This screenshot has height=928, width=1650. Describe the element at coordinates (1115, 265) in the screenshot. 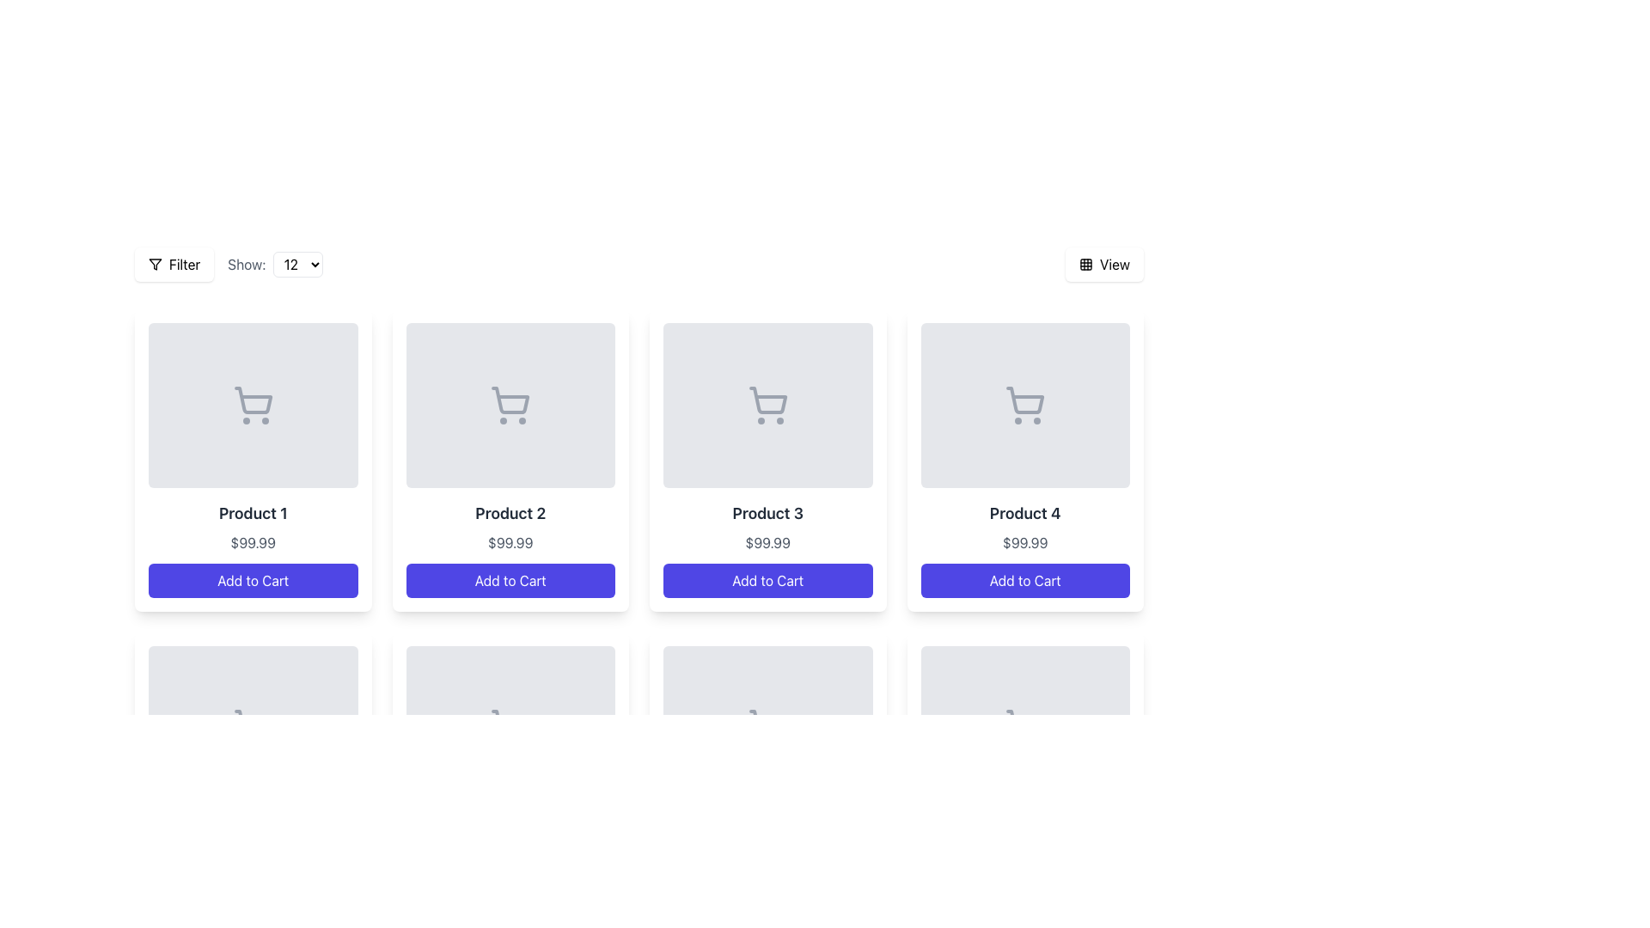

I see `the 'View' text label within the interactive button that has a white background and rounded corners, located on the top right of the interface` at that location.